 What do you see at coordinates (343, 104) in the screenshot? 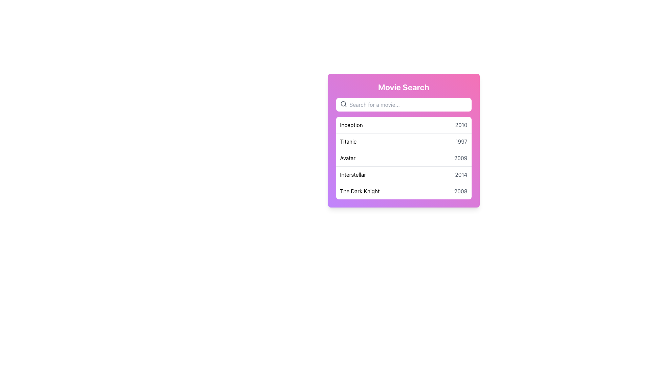
I see `the presence of the gray magnifying glass icon positioned inside the text input field on the left side of the 'Movie Search' panel` at bounding box center [343, 104].